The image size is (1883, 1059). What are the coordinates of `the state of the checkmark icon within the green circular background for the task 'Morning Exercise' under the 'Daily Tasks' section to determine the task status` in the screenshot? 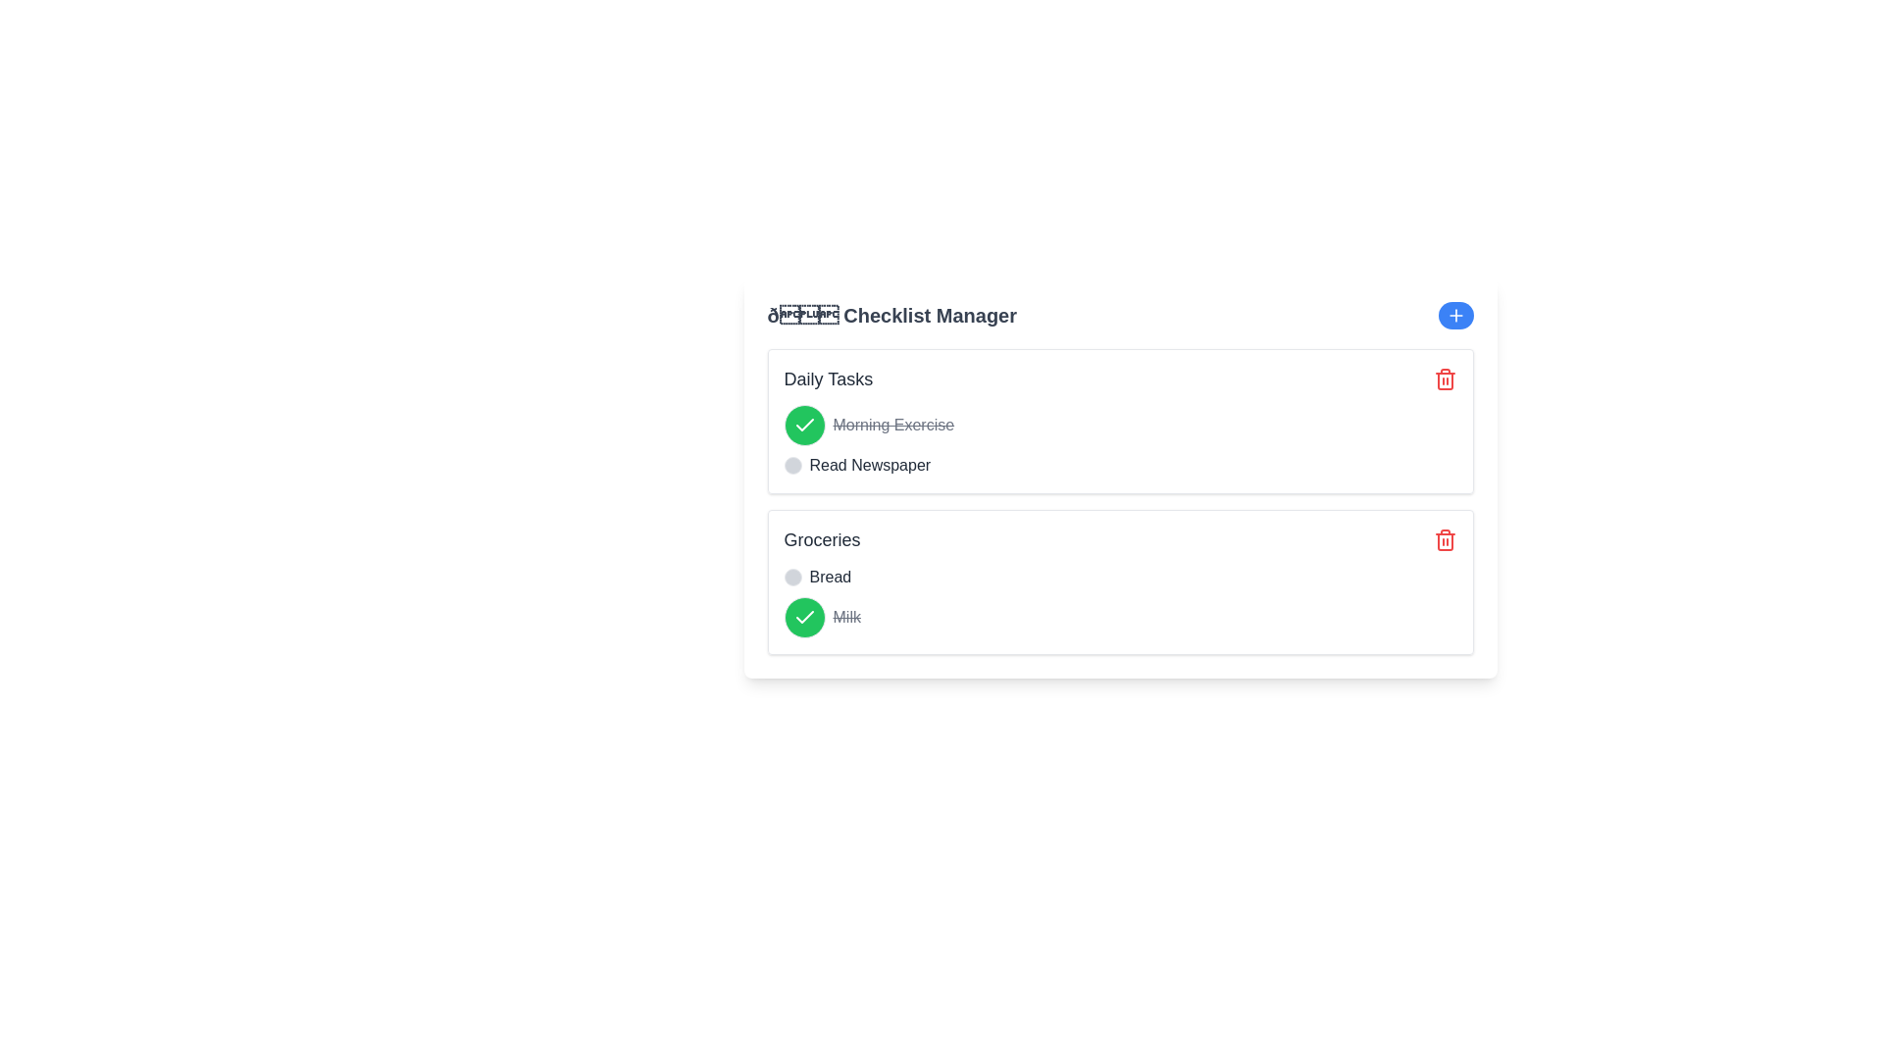 It's located at (804, 425).